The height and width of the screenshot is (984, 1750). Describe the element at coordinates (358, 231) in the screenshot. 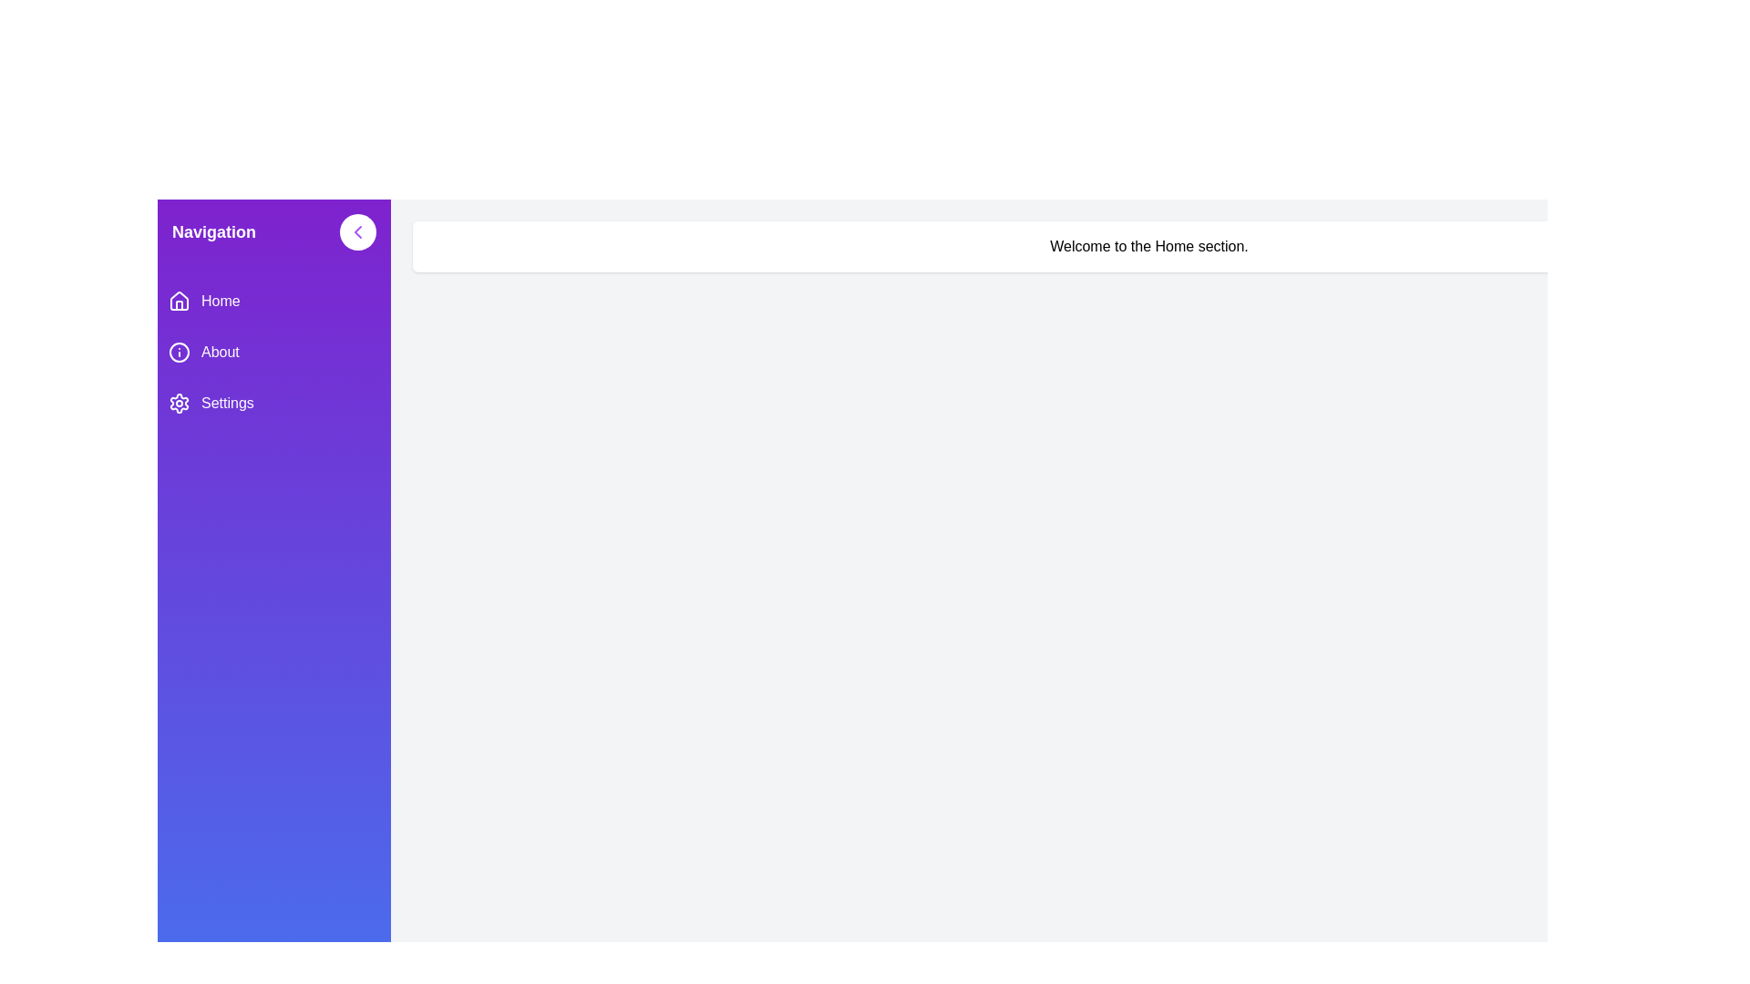

I see `the left-pointing chevron icon styled in purple, located inside a white circular background at the top center of the purple navigation bar in the left panel` at that location.